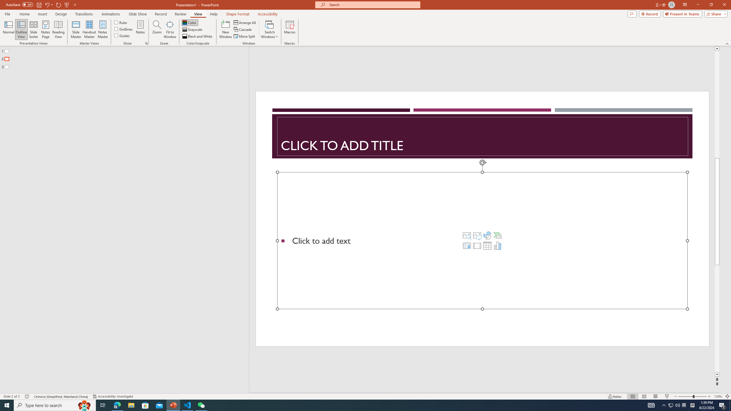 The height and width of the screenshot is (411, 731). What do you see at coordinates (146, 43) in the screenshot?
I see `'Grid Settings...'` at bounding box center [146, 43].